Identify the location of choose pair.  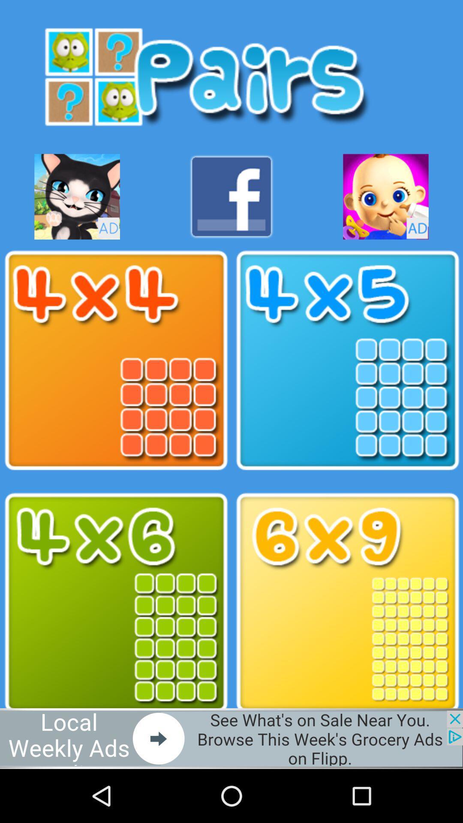
(116, 360).